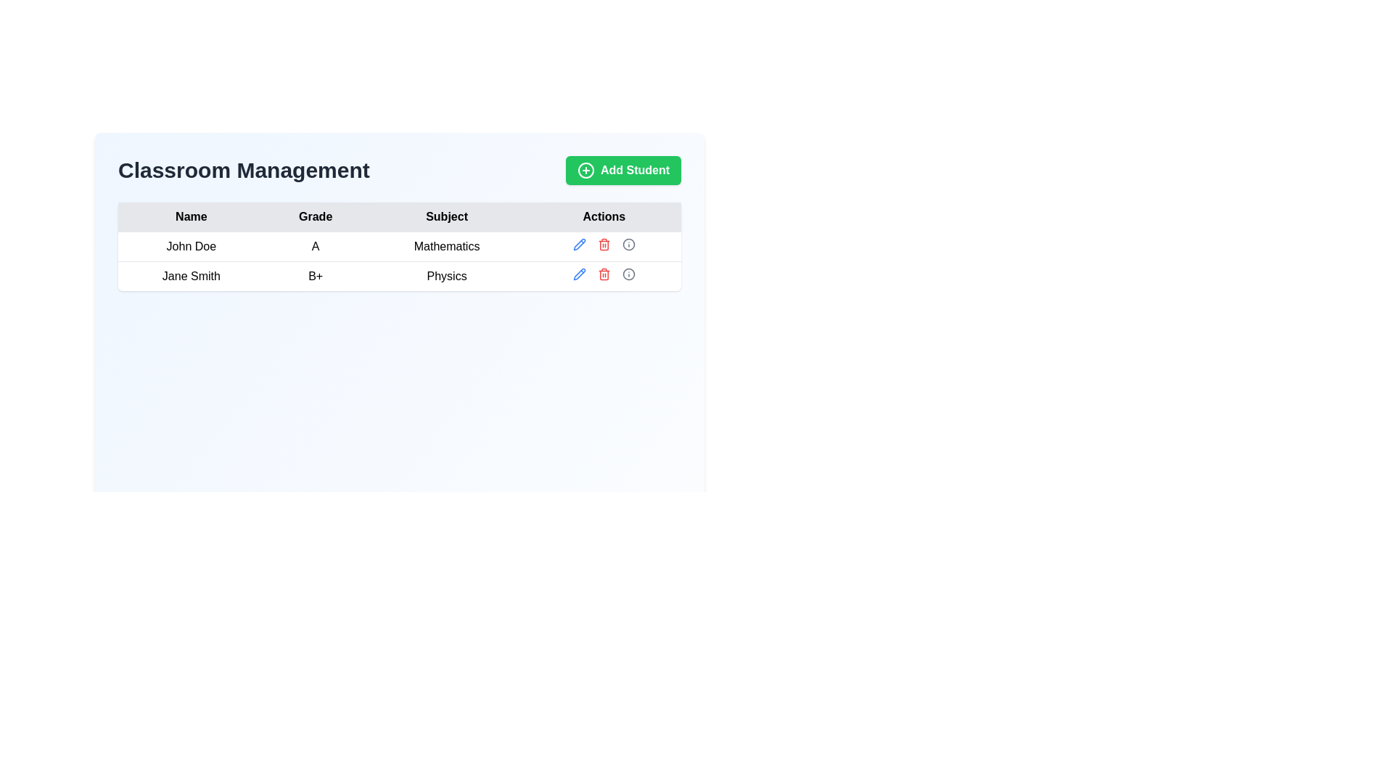 The width and height of the screenshot is (1393, 784). I want to click on the 'Subject' label for student 'Jane Smith' in the third column of the second row of the table, so click(446, 276).